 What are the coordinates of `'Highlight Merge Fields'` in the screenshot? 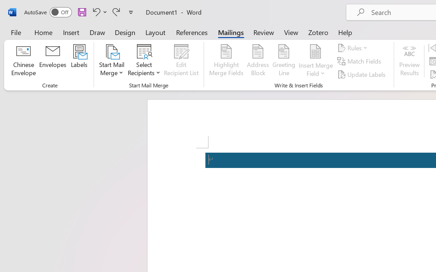 It's located at (226, 61).